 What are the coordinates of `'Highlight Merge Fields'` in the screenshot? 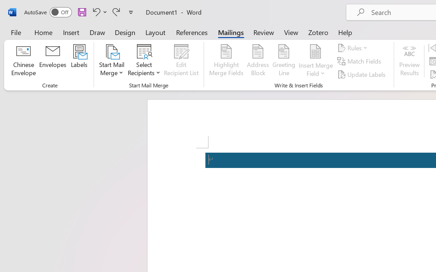 It's located at (226, 61).